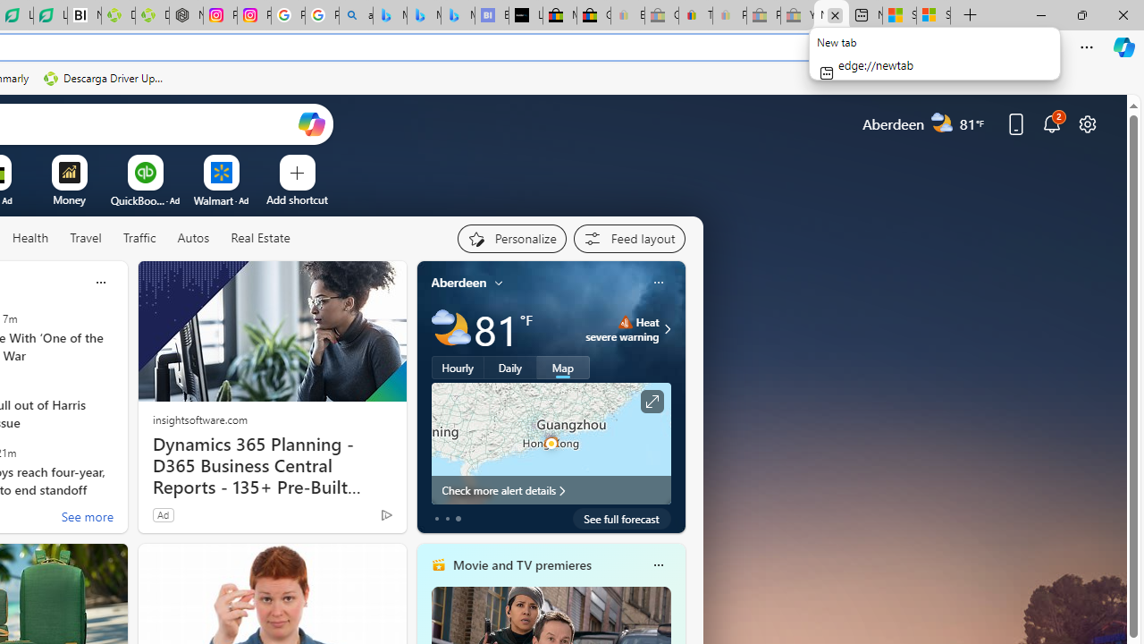  Describe the element at coordinates (447, 518) in the screenshot. I see `'tab-1'` at that location.